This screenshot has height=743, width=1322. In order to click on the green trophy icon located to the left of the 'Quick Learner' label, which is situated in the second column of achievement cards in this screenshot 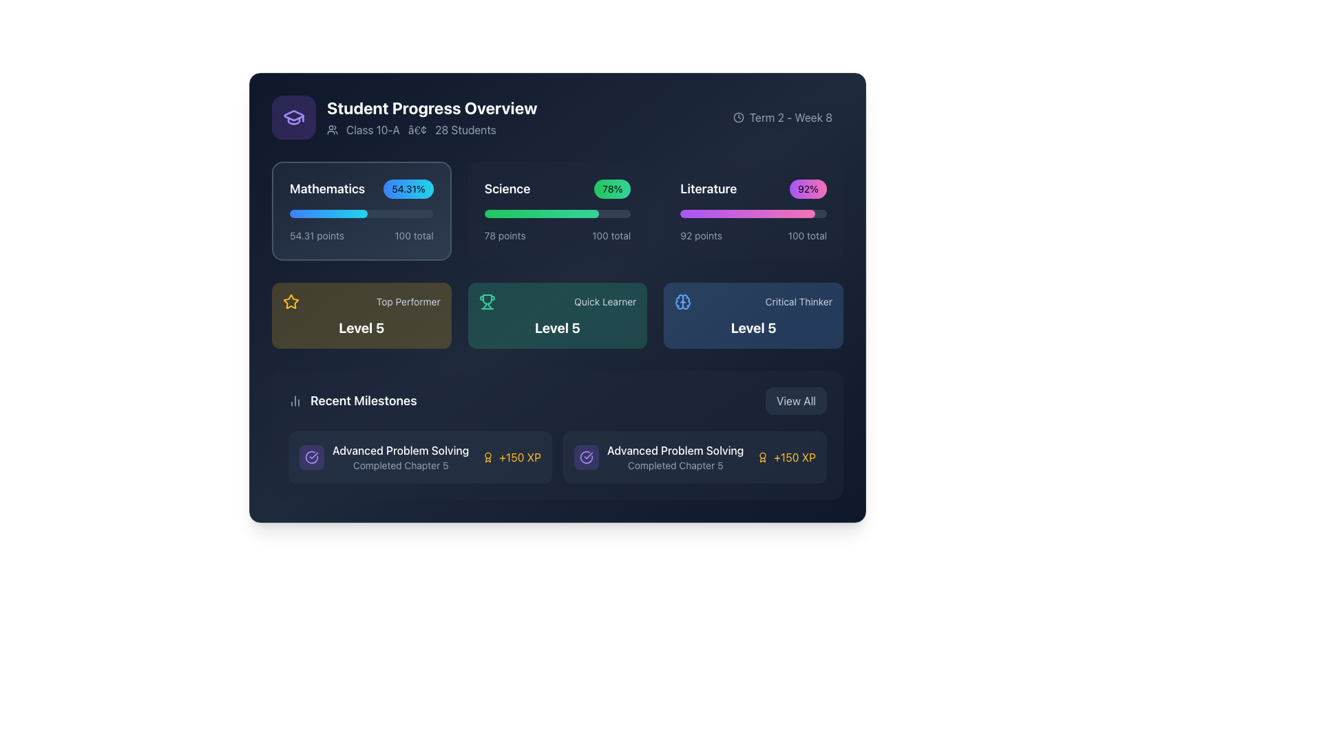, I will do `click(487, 301)`.